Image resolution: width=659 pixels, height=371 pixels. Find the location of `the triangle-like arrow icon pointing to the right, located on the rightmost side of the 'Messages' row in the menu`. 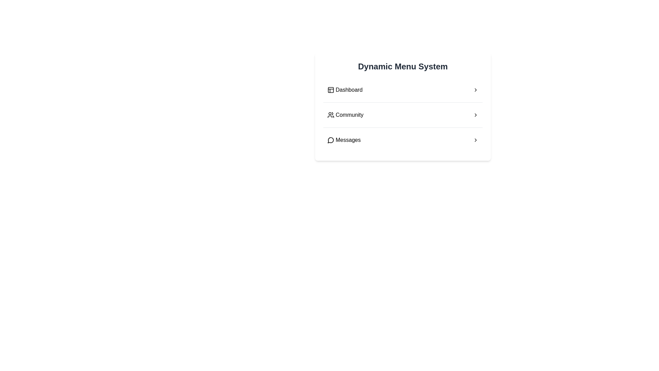

the triangle-like arrow icon pointing to the right, located on the rightmost side of the 'Messages' row in the menu is located at coordinates (475, 140).